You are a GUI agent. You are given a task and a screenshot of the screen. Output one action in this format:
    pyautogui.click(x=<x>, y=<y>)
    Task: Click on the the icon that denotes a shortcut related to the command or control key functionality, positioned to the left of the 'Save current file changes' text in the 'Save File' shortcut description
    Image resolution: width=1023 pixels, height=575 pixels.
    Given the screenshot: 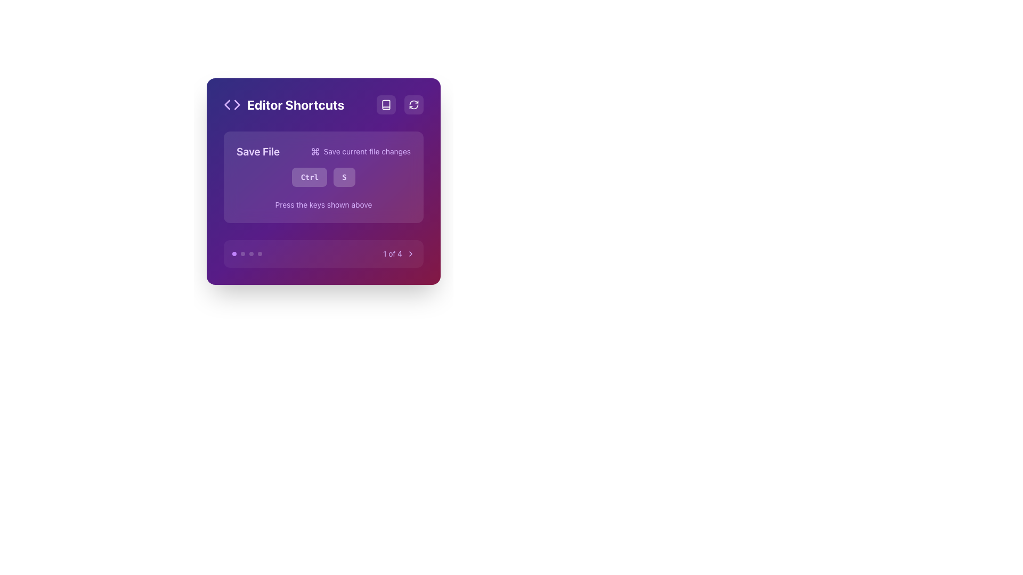 What is the action you would take?
    pyautogui.click(x=314, y=152)
    